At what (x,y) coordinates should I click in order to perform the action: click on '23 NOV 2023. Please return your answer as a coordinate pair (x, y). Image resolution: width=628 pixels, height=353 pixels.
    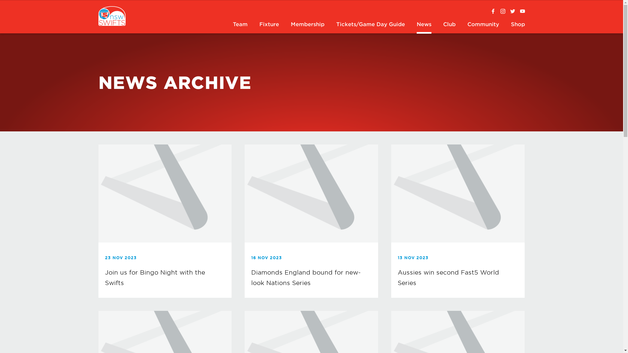
    Looking at the image, I should click on (165, 221).